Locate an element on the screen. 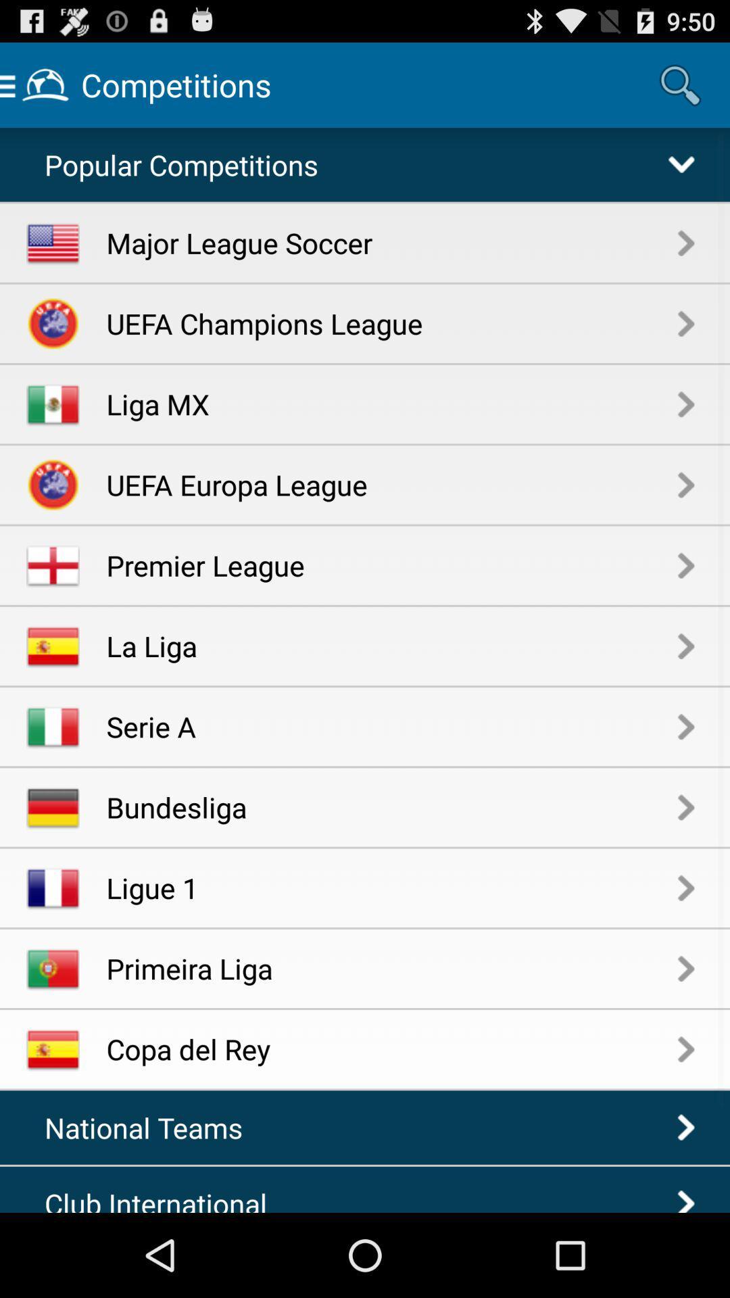  the club international    item is located at coordinates (166, 1198).